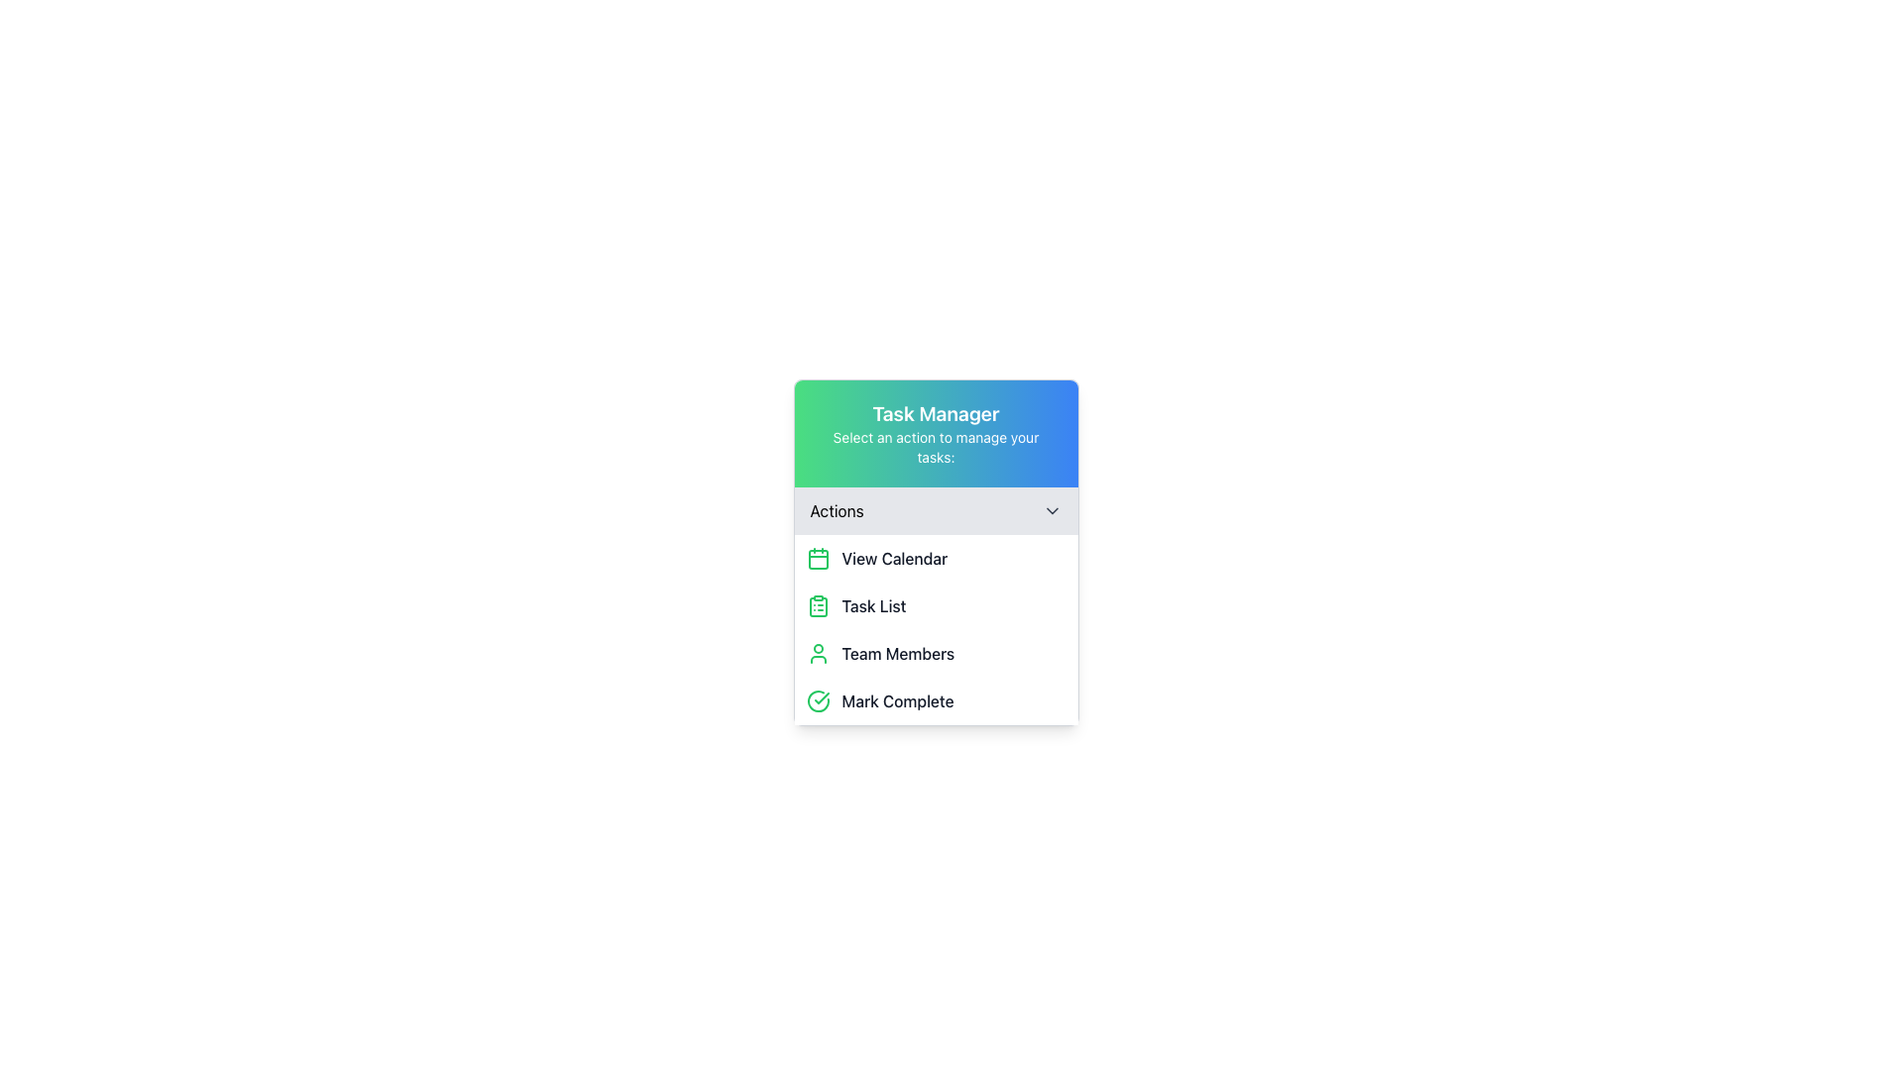 The image size is (1903, 1070). Describe the element at coordinates (897, 653) in the screenshot. I see `the third item in the 'Task Manager' dropdown labeled as 'Team Members'` at that location.